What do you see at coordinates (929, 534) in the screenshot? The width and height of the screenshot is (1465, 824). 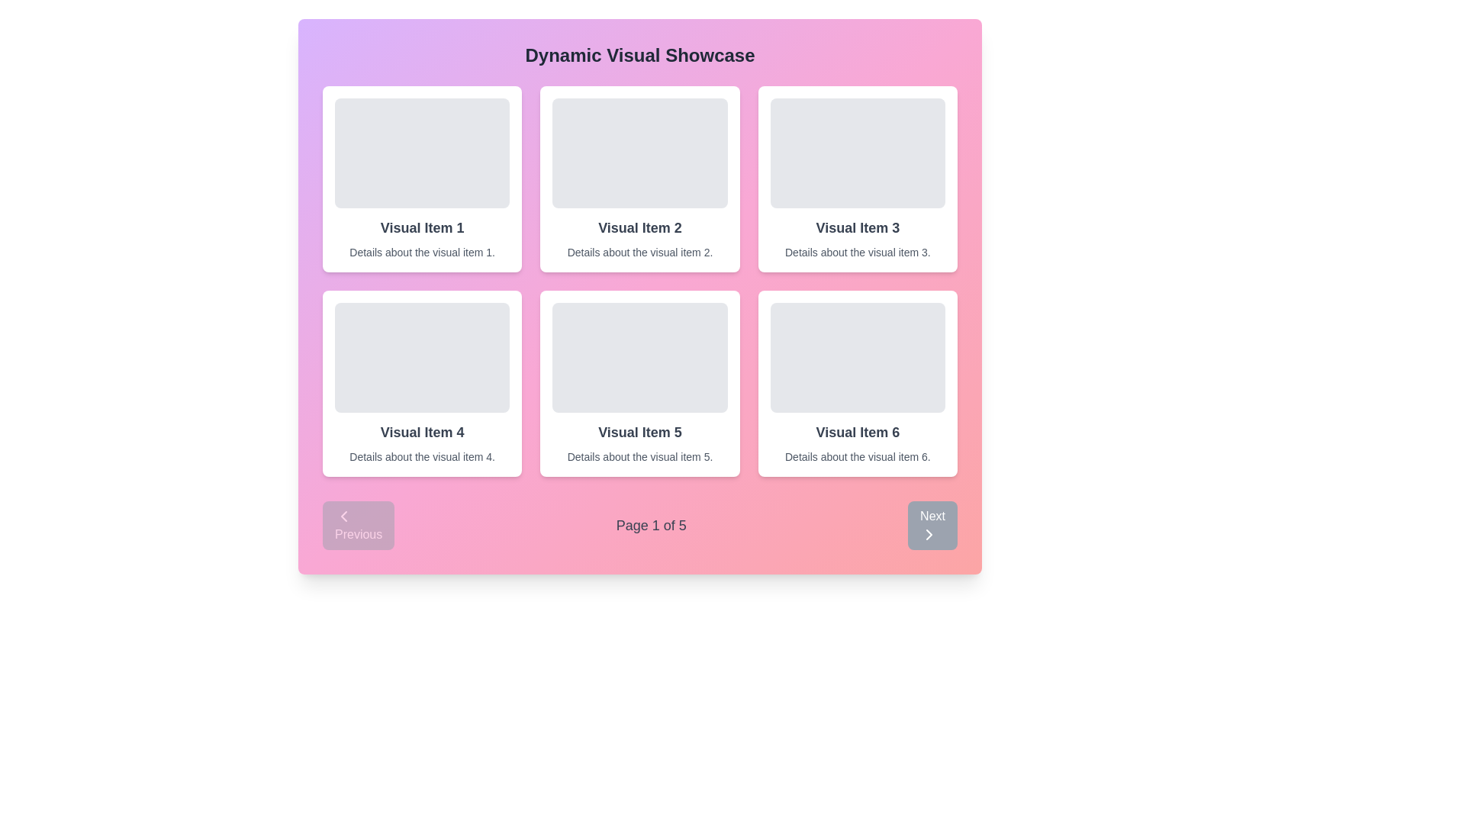 I see `the right-pointing chevron icon located within the 'Next' button in the bottom-right corner of the interface` at bounding box center [929, 534].